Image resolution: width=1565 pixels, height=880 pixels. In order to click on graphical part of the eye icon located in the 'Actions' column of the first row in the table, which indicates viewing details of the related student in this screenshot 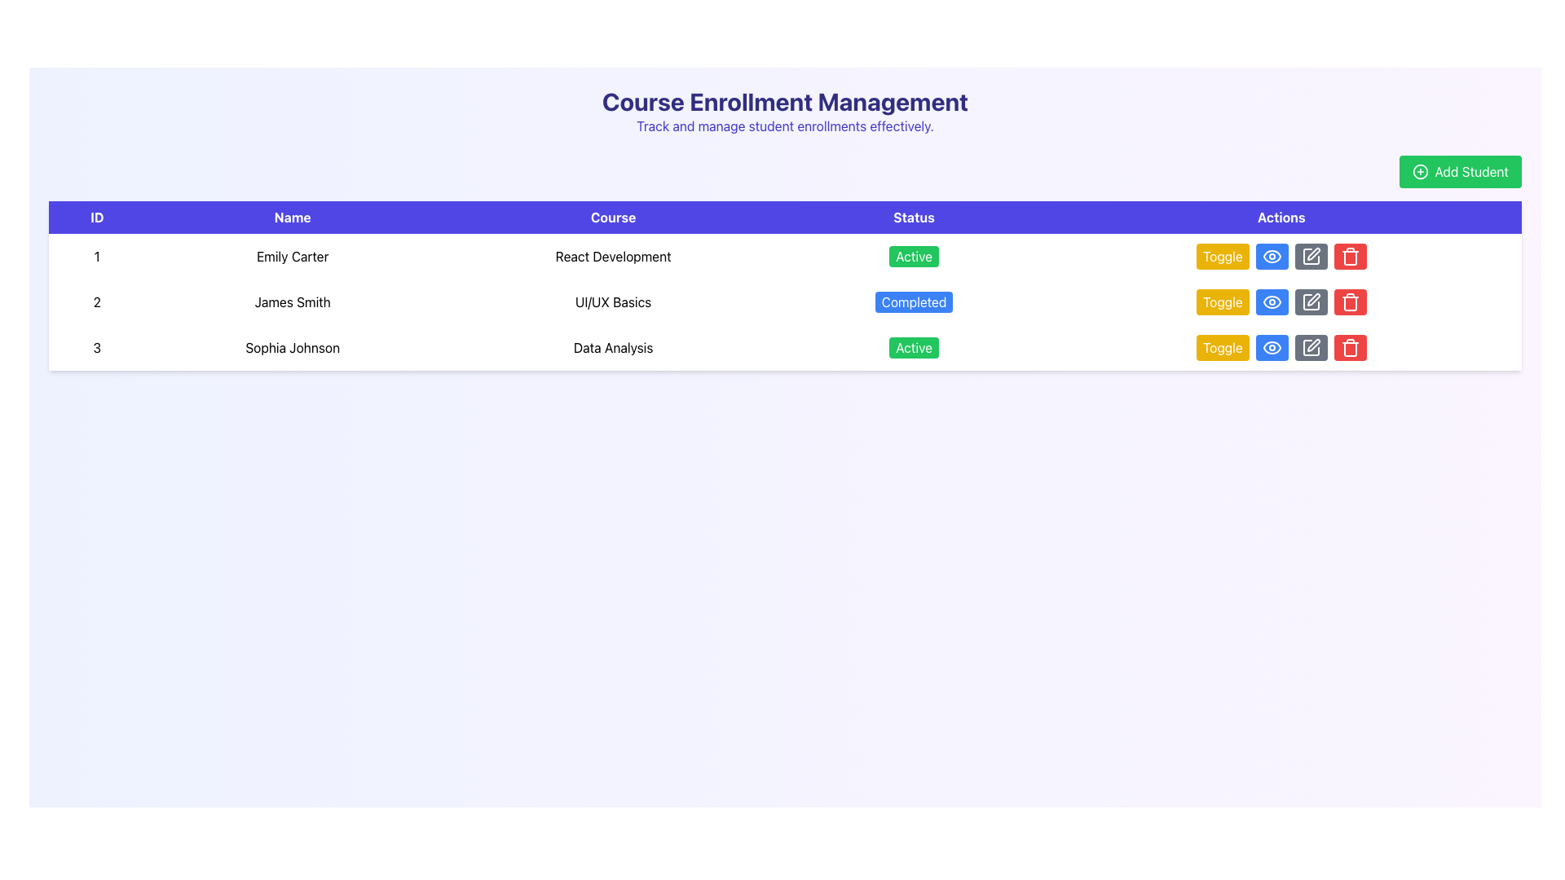, I will do `click(1271, 257)`.